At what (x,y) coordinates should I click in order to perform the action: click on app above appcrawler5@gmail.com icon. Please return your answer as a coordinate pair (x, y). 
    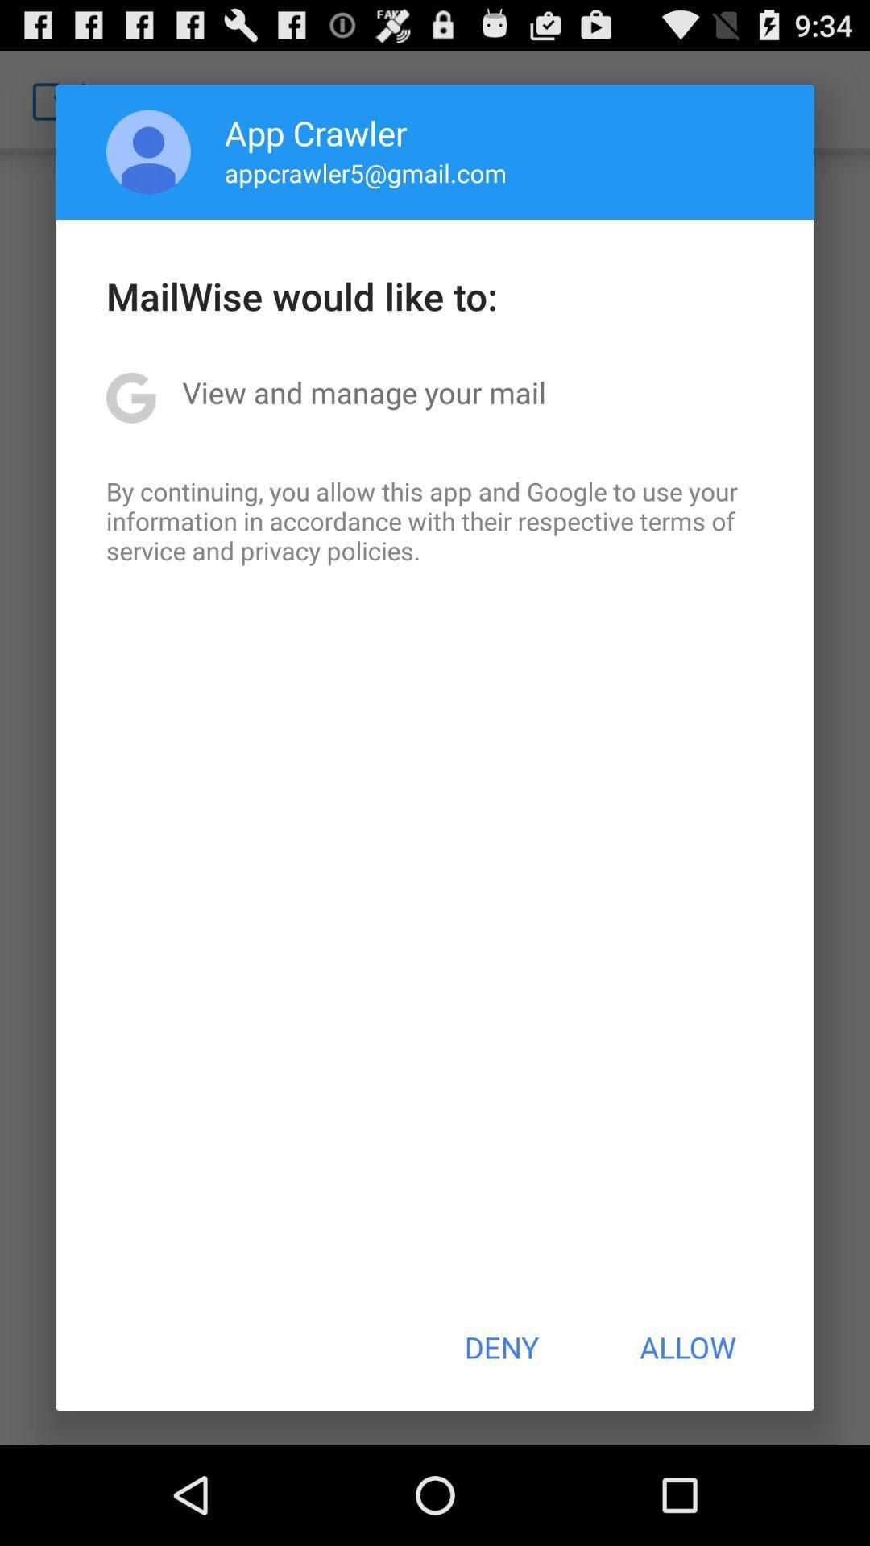
    Looking at the image, I should click on (316, 132).